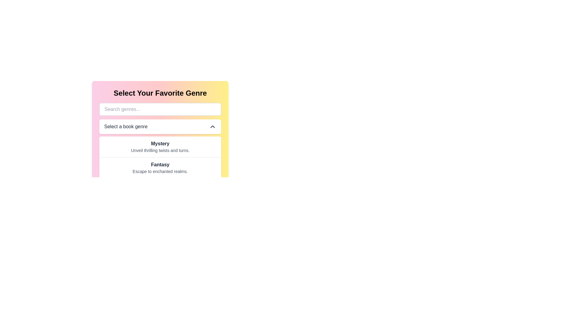  I want to click on and interpret the static text providing supporting information about the 'Mystery' genre, located directly below the 'Mystery' heading, so click(160, 150).